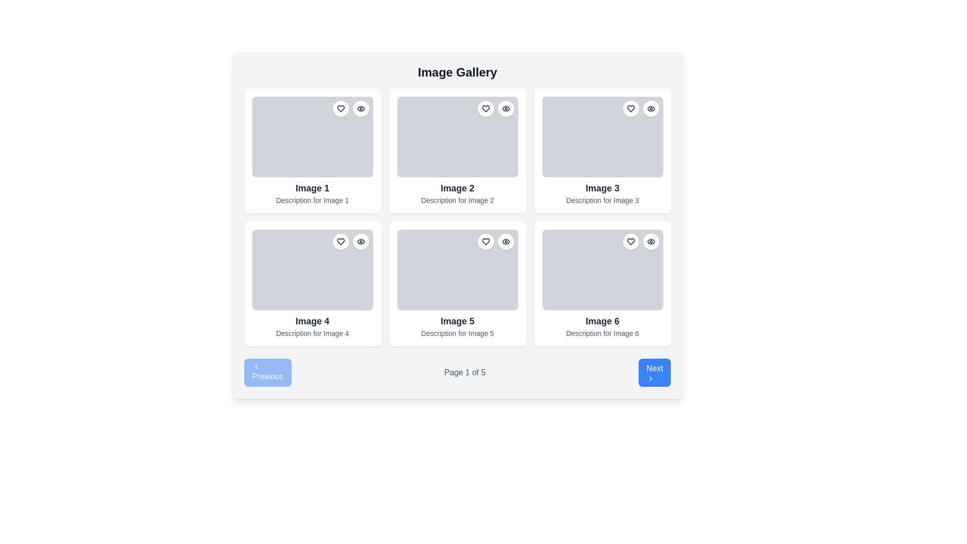 Image resolution: width=967 pixels, height=544 pixels. What do you see at coordinates (602, 200) in the screenshot?
I see `the text label located below the title 'Image 3' in the third image card of the top row in a 3x2 grid layout` at bounding box center [602, 200].